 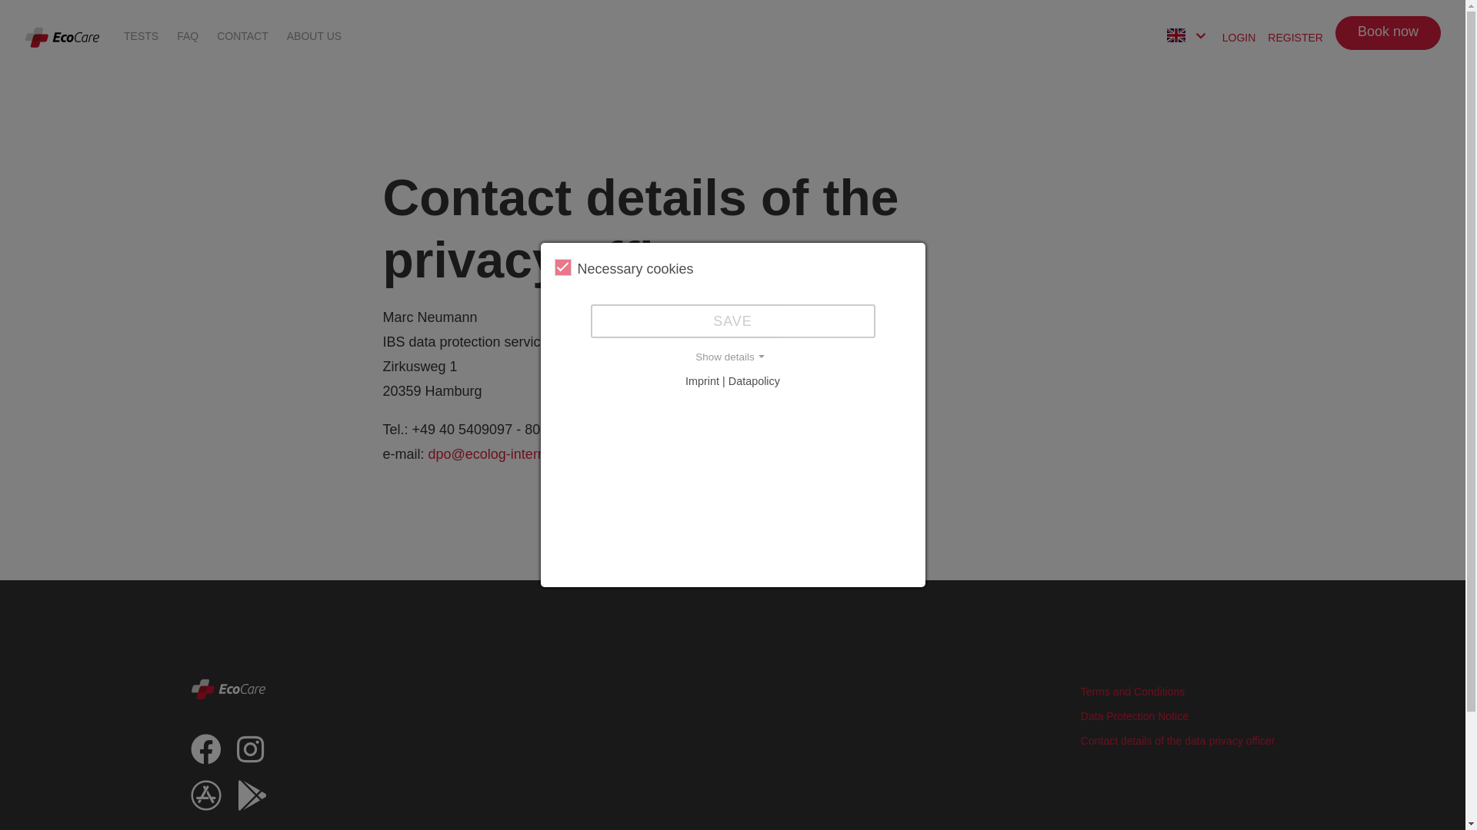 What do you see at coordinates (1177, 740) in the screenshot?
I see `'Contact details of the data privacy officer'` at bounding box center [1177, 740].